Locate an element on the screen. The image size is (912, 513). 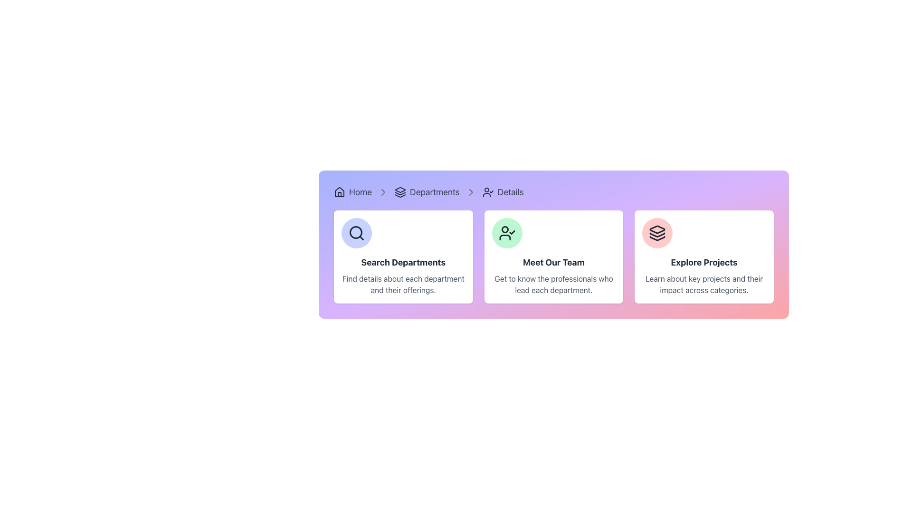
the 'Details' text link with an icon in the breadcrumb navigation is located at coordinates (503, 192).